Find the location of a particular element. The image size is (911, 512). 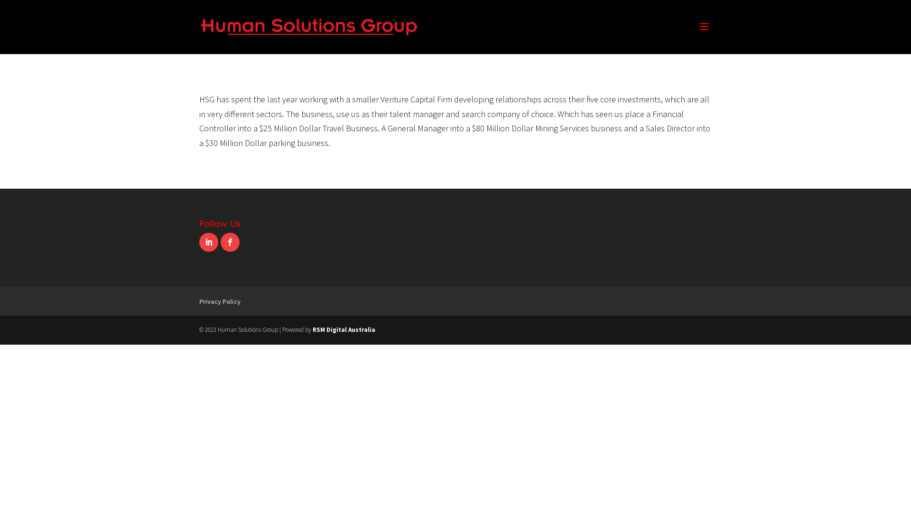

'RSM Digital Australia' is located at coordinates (343, 329).